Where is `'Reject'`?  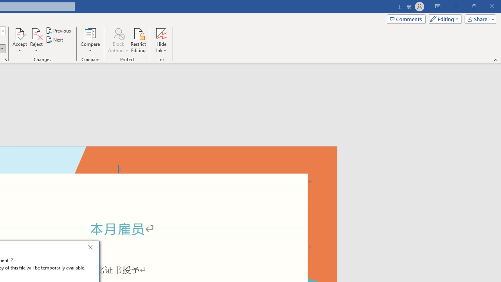 'Reject' is located at coordinates (36, 40).